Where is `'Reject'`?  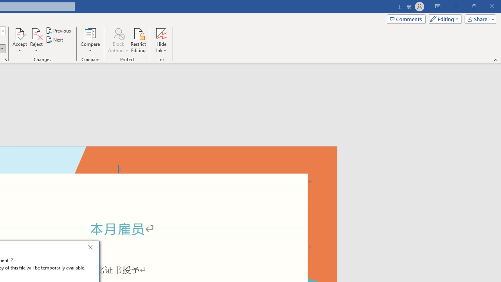 'Reject' is located at coordinates (36, 40).